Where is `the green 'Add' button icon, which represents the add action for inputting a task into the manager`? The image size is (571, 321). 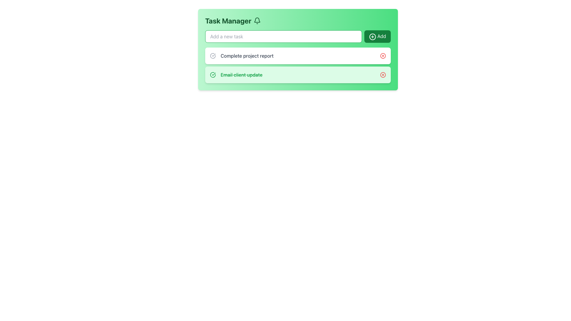
the green 'Add' button icon, which represents the add action for inputting a task into the manager is located at coordinates (372, 37).